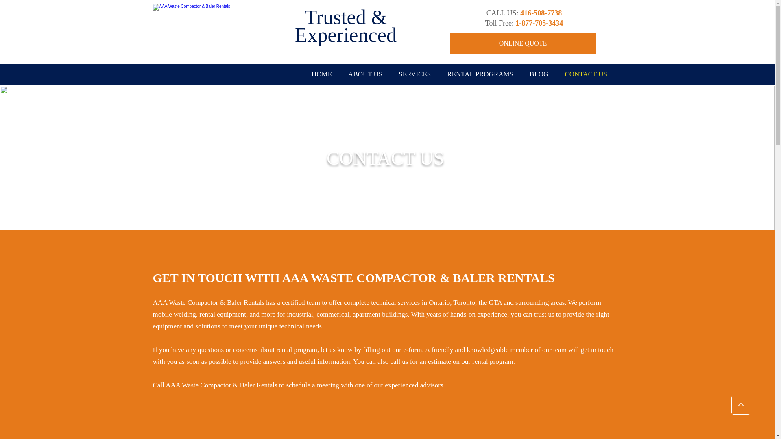 The height and width of the screenshot is (439, 781). Describe the element at coordinates (541, 14) in the screenshot. I see `'416-508-7738'` at that location.